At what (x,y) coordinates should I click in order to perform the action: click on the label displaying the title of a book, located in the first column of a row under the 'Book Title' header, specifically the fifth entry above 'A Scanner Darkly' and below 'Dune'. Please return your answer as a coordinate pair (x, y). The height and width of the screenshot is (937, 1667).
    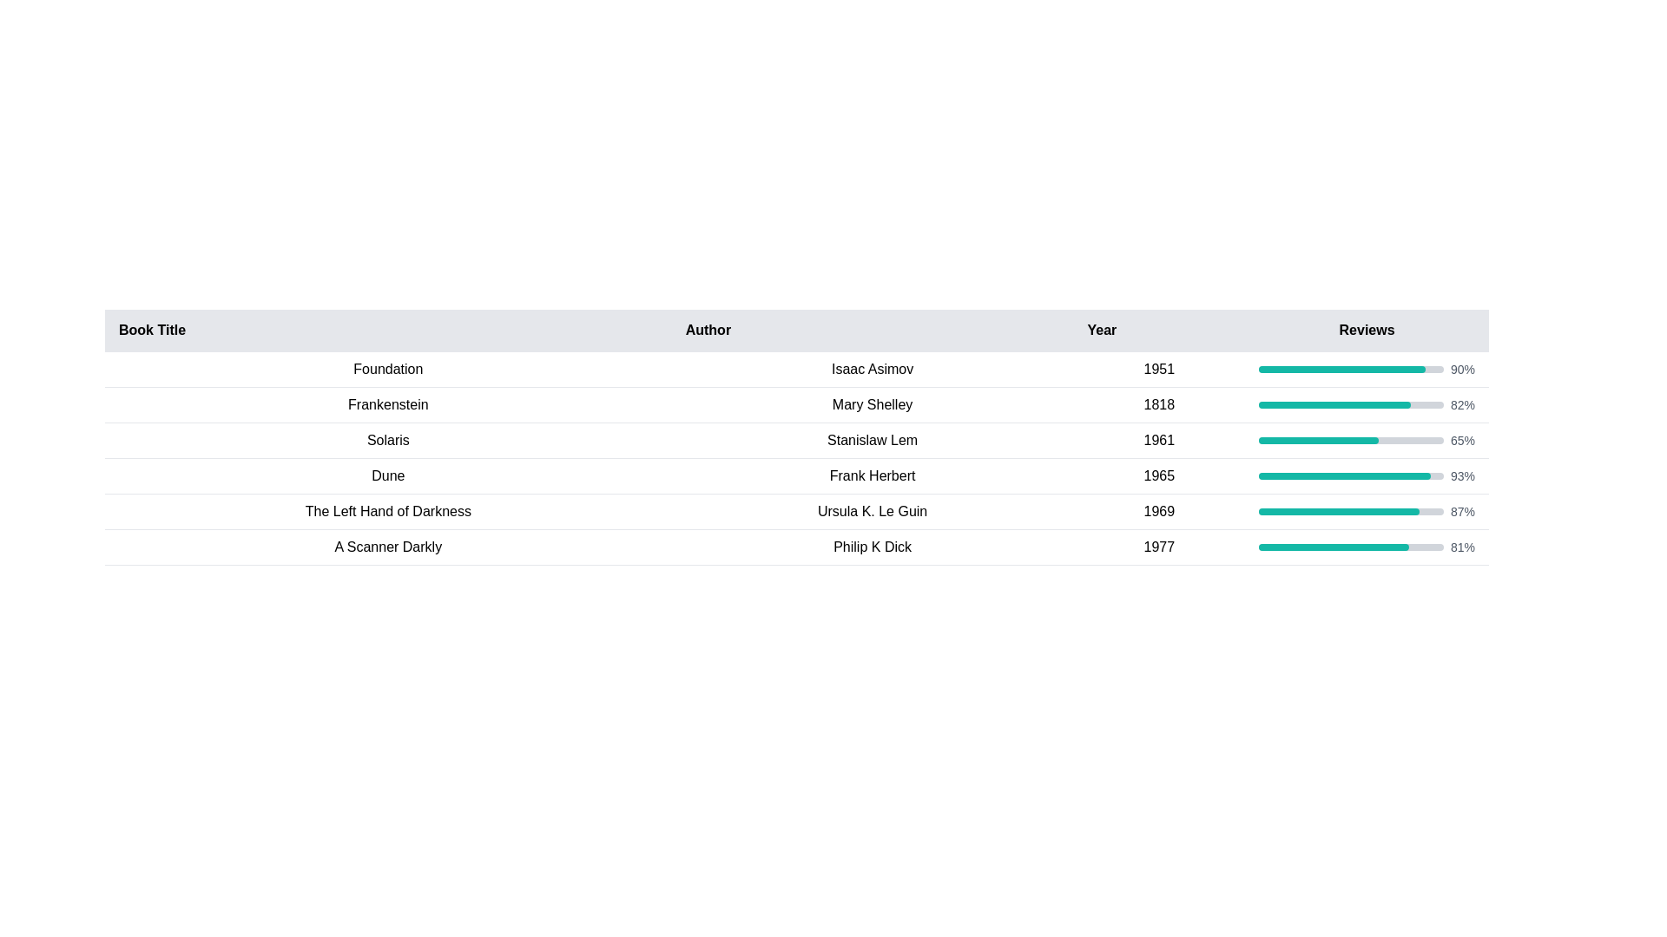
    Looking at the image, I should click on (387, 511).